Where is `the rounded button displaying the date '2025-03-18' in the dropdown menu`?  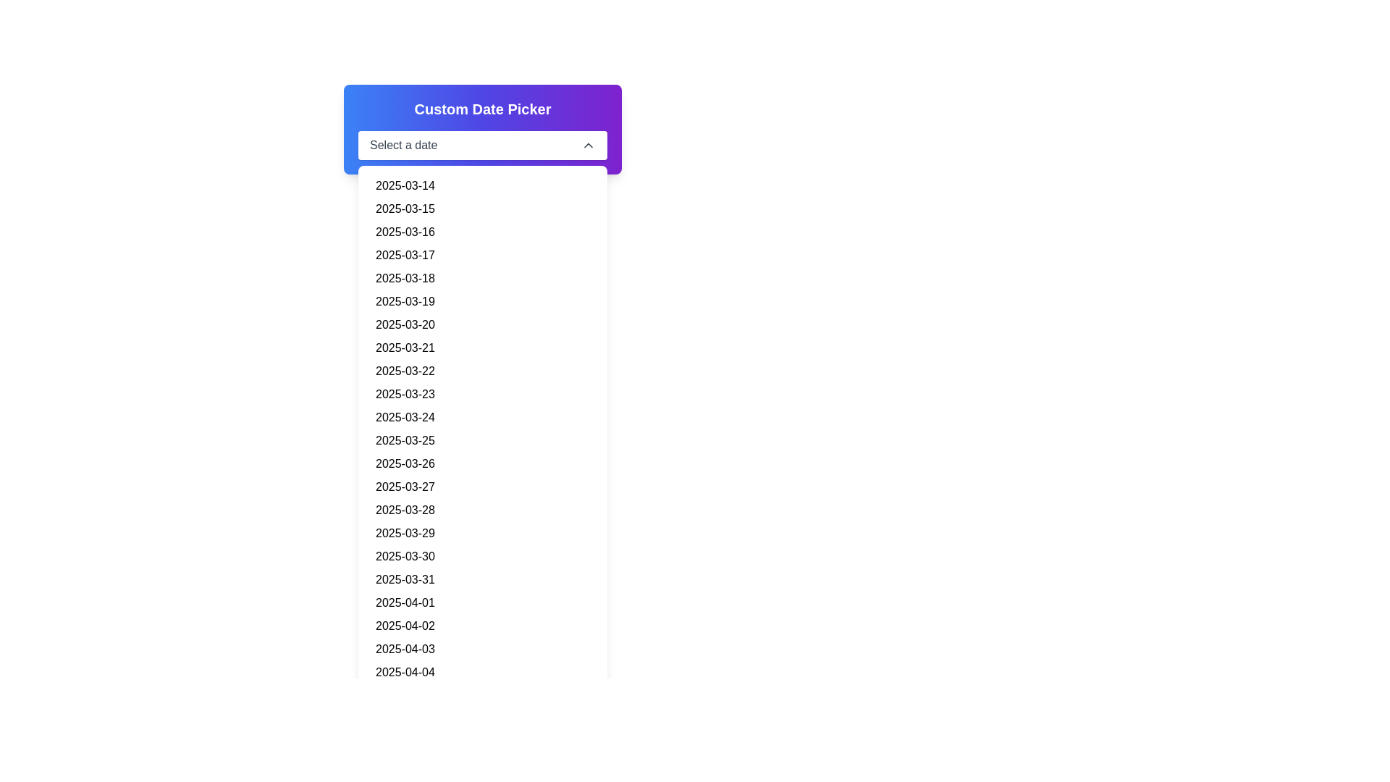 the rounded button displaying the date '2025-03-18' in the dropdown menu is located at coordinates (483, 279).